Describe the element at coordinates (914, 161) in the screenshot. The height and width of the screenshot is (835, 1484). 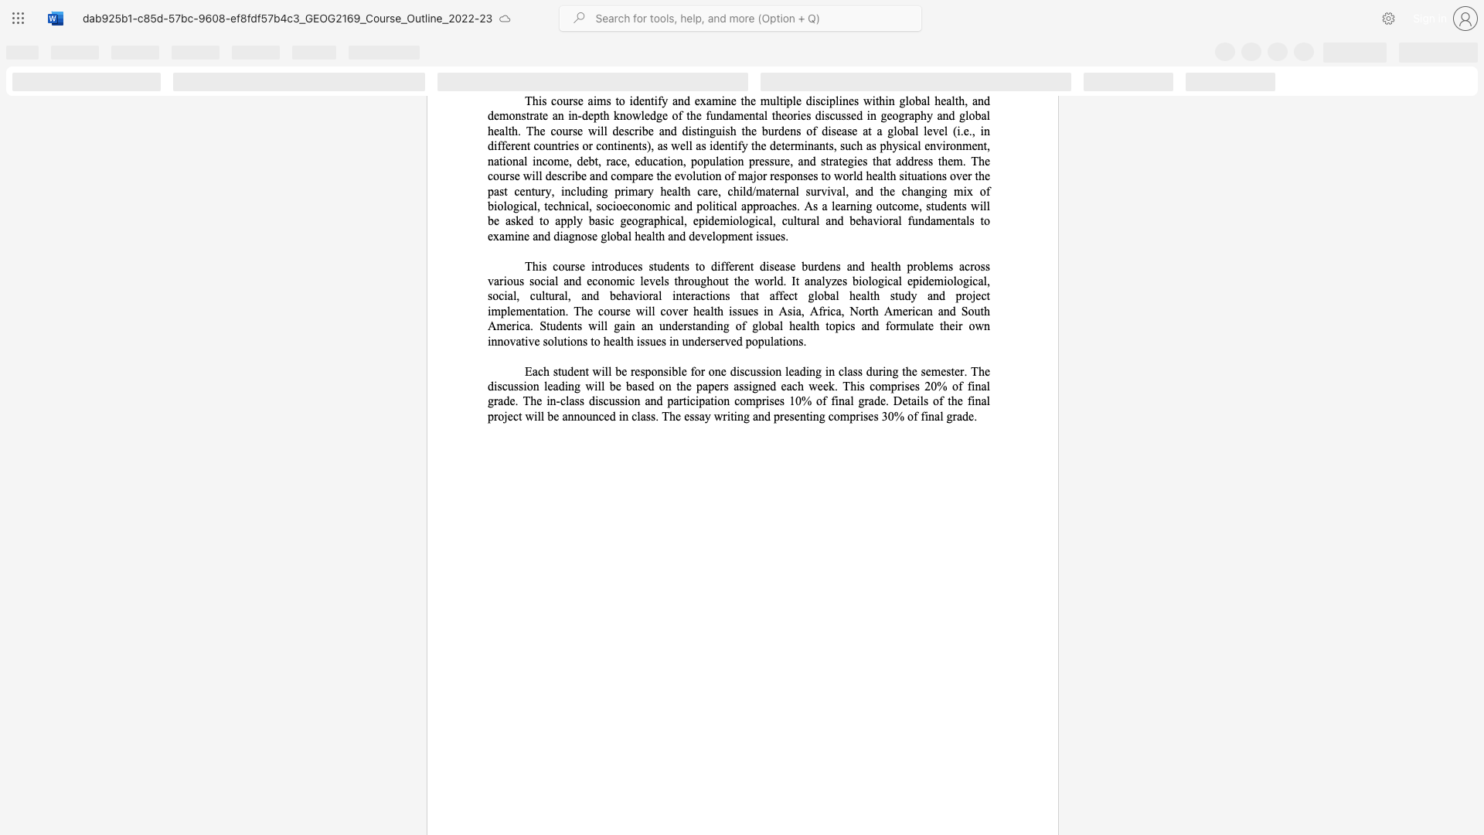
I see `the subset text "ress them. The course will describe and compare the evolution of major responses to world health s" within the text "), as well as identify the determinants, such as physical environment, national income, debt, race, education, population pressure, and strategies that address them. The course will describe and compare the evolution of major responses to world health situations over the past century, including primary health care, child/maternal survival, and the changing mix of biological, technical, socioeconomic and political approaches."` at that location.